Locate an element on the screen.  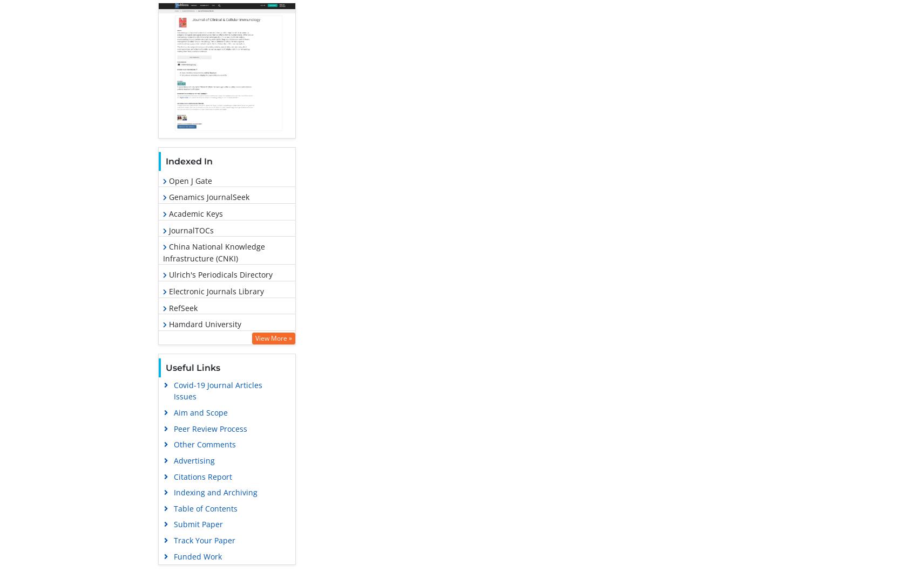
'Hamdard University' is located at coordinates (202, 323).